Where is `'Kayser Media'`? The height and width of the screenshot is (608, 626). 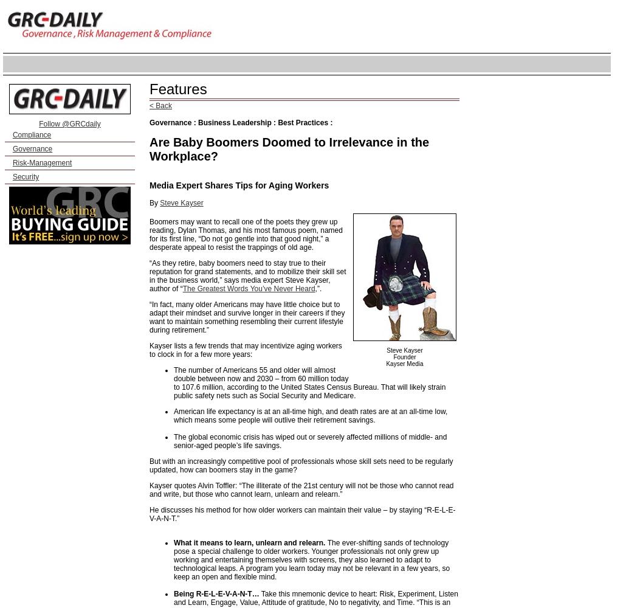
'Kayser Media' is located at coordinates (404, 363).